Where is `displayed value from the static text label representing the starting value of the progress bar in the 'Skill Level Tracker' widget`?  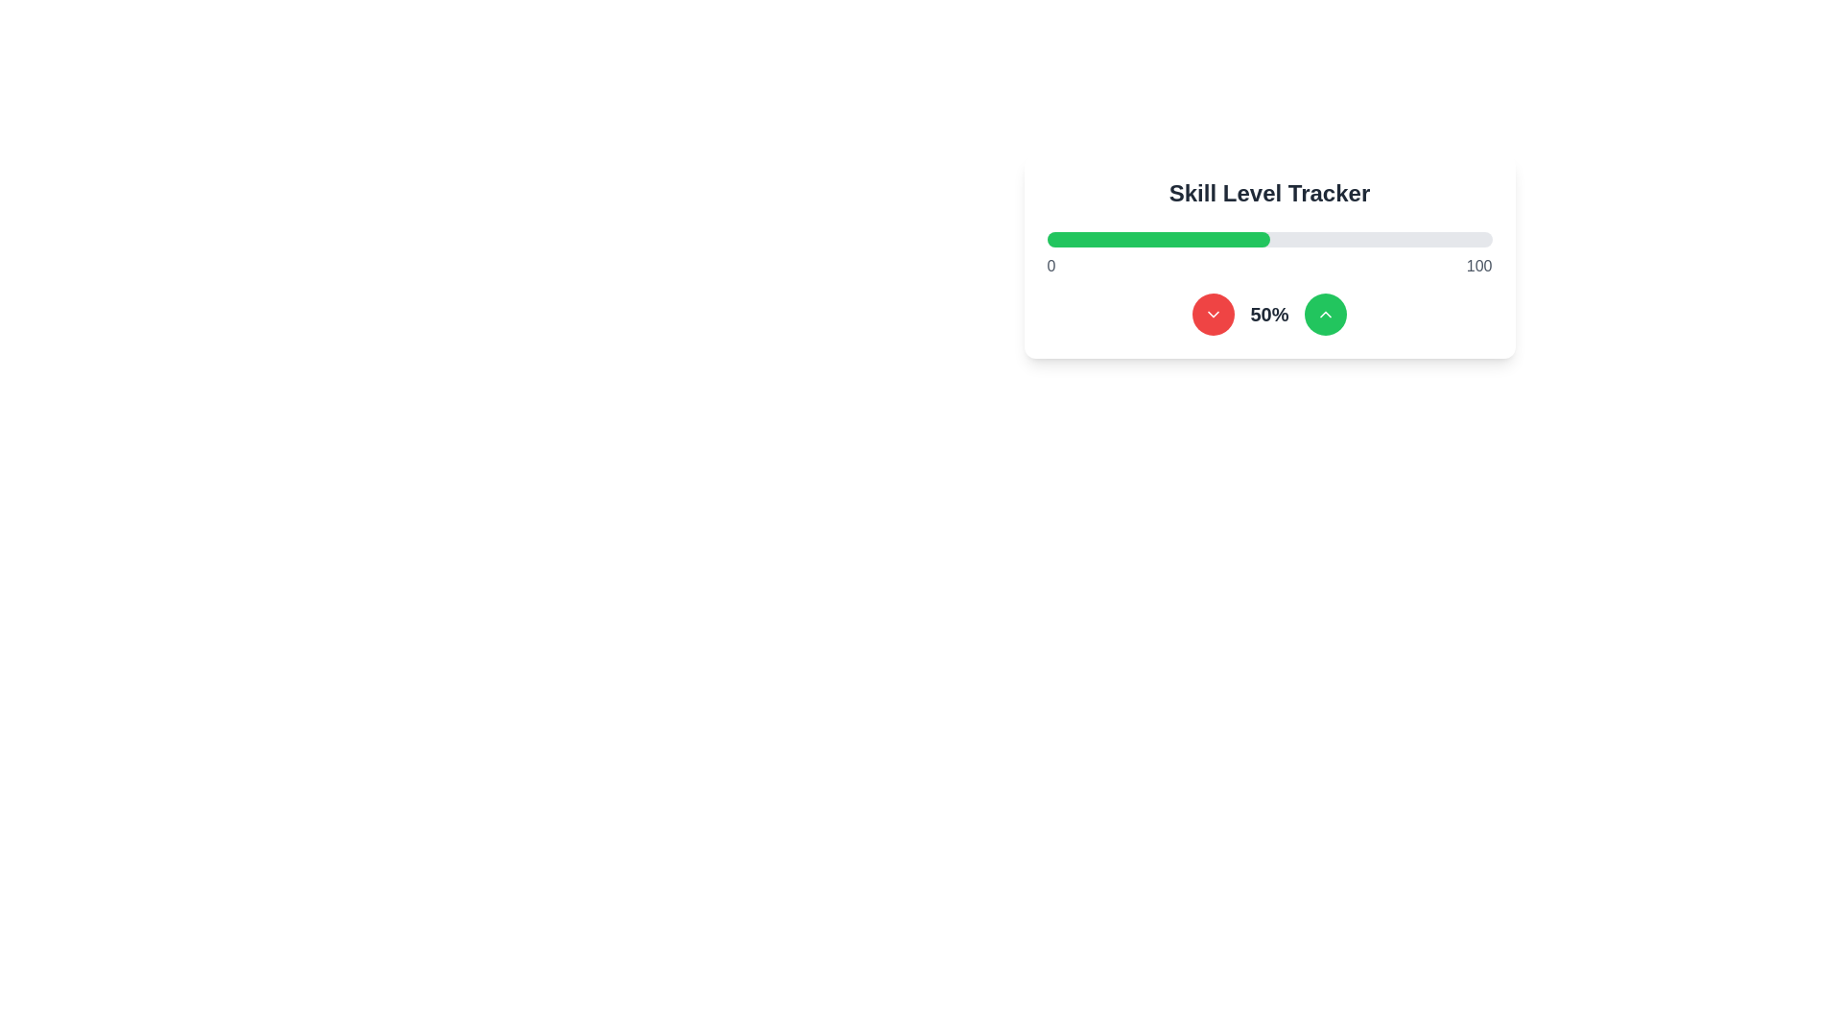
displayed value from the static text label representing the starting value of the progress bar in the 'Skill Level Tracker' widget is located at coordinates (1050, 266).